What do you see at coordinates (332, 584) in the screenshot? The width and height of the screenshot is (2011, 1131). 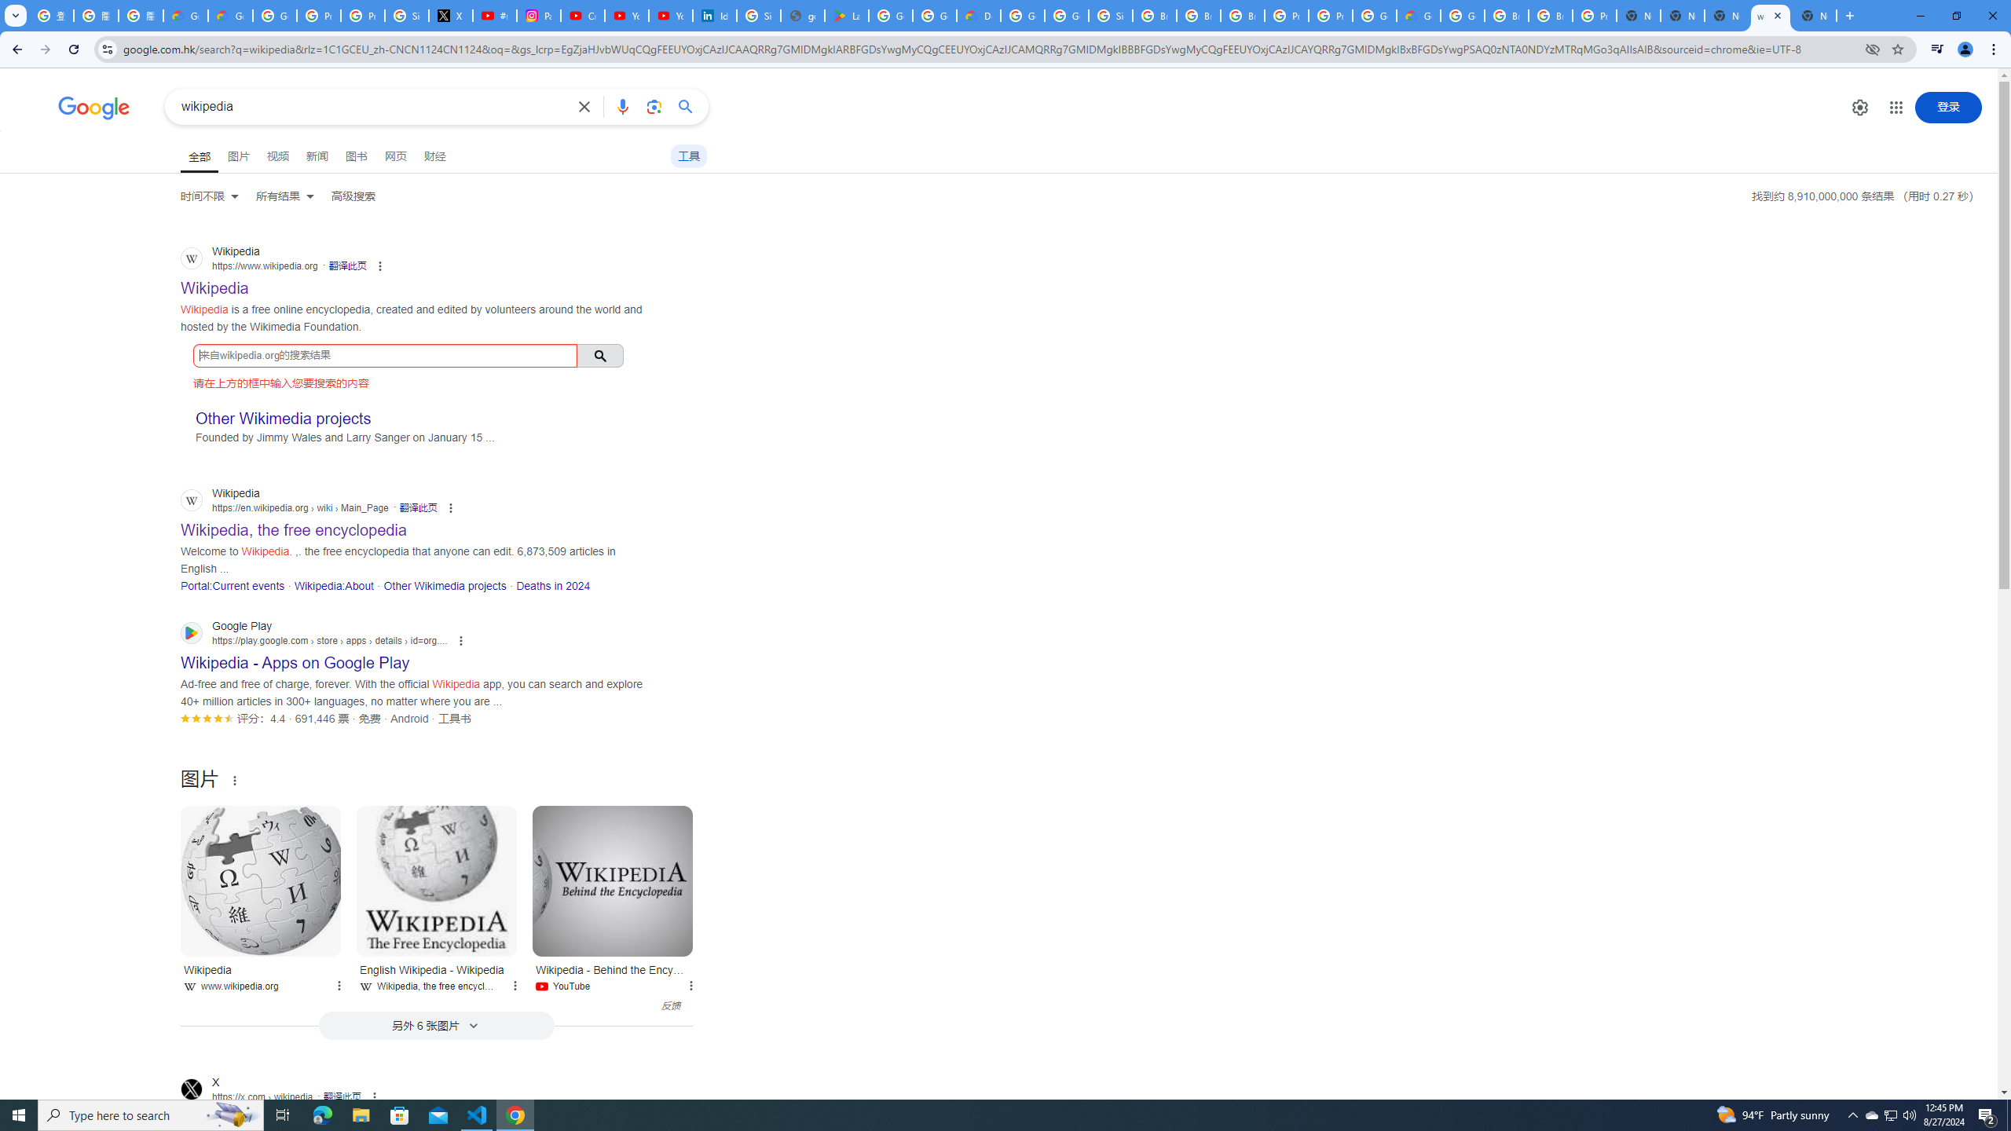 I see `'Wikipedia:About'` at bounding box center [332, 584].